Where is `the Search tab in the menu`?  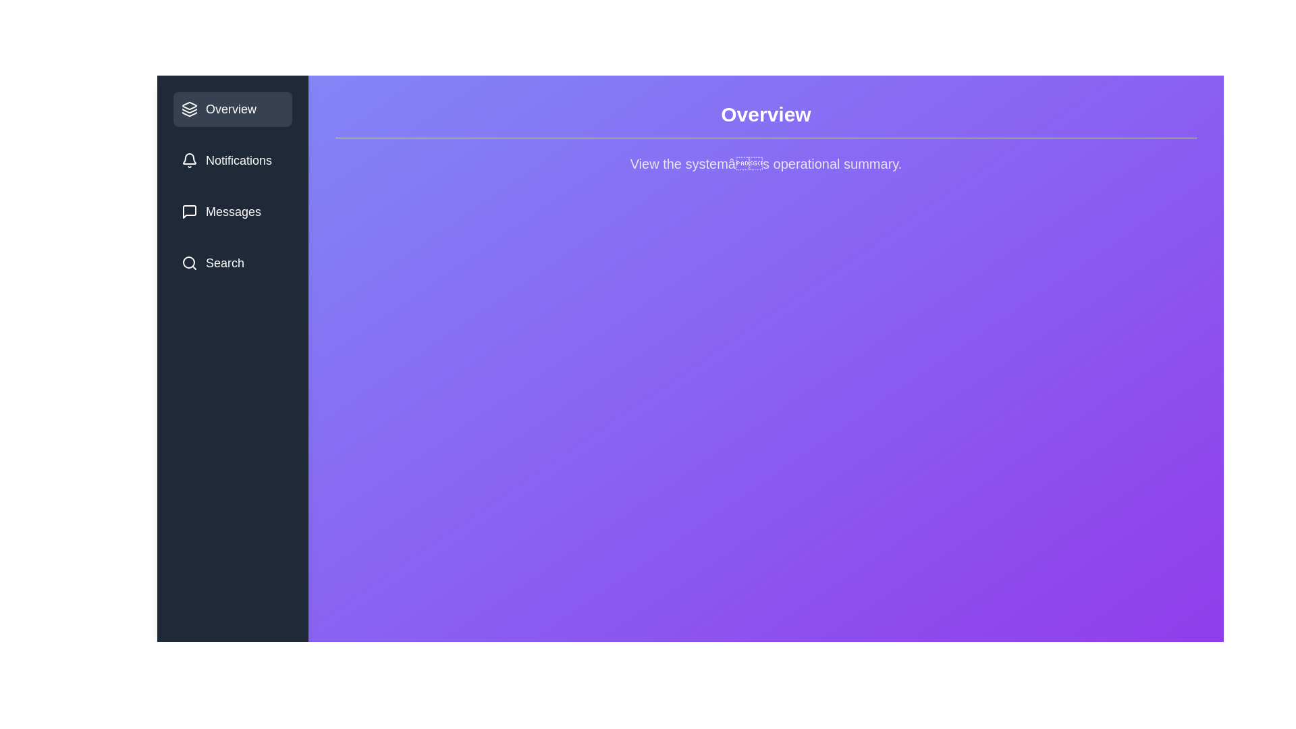
the Search tab in the menu is located at coordinates (233, 263).